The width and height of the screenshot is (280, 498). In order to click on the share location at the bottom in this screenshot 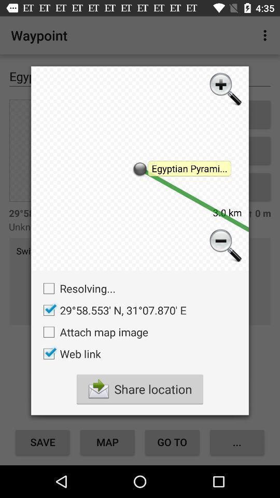, I will do `click(139, 389)`.